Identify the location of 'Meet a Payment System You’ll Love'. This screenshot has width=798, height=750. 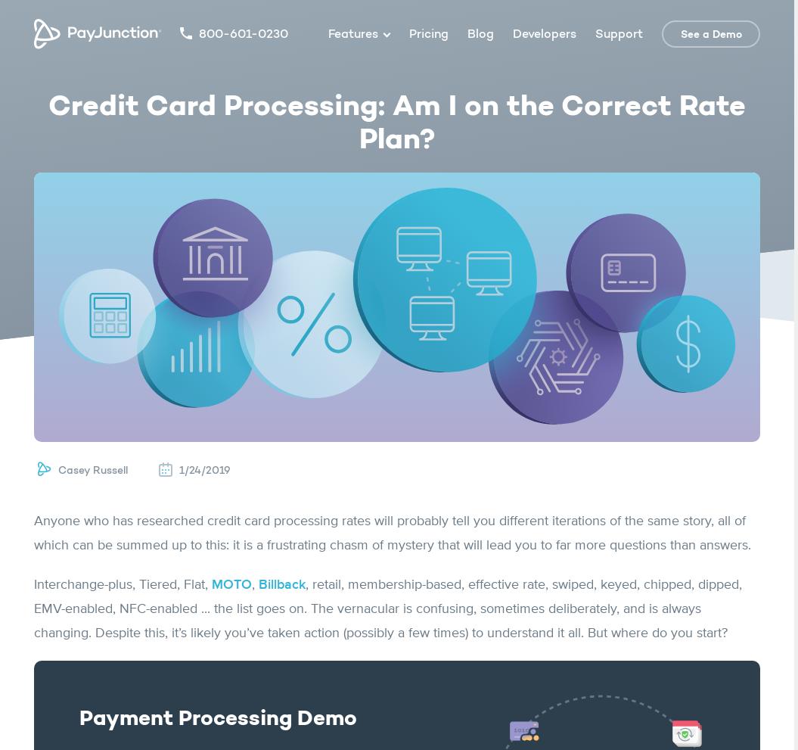
(396, 538).